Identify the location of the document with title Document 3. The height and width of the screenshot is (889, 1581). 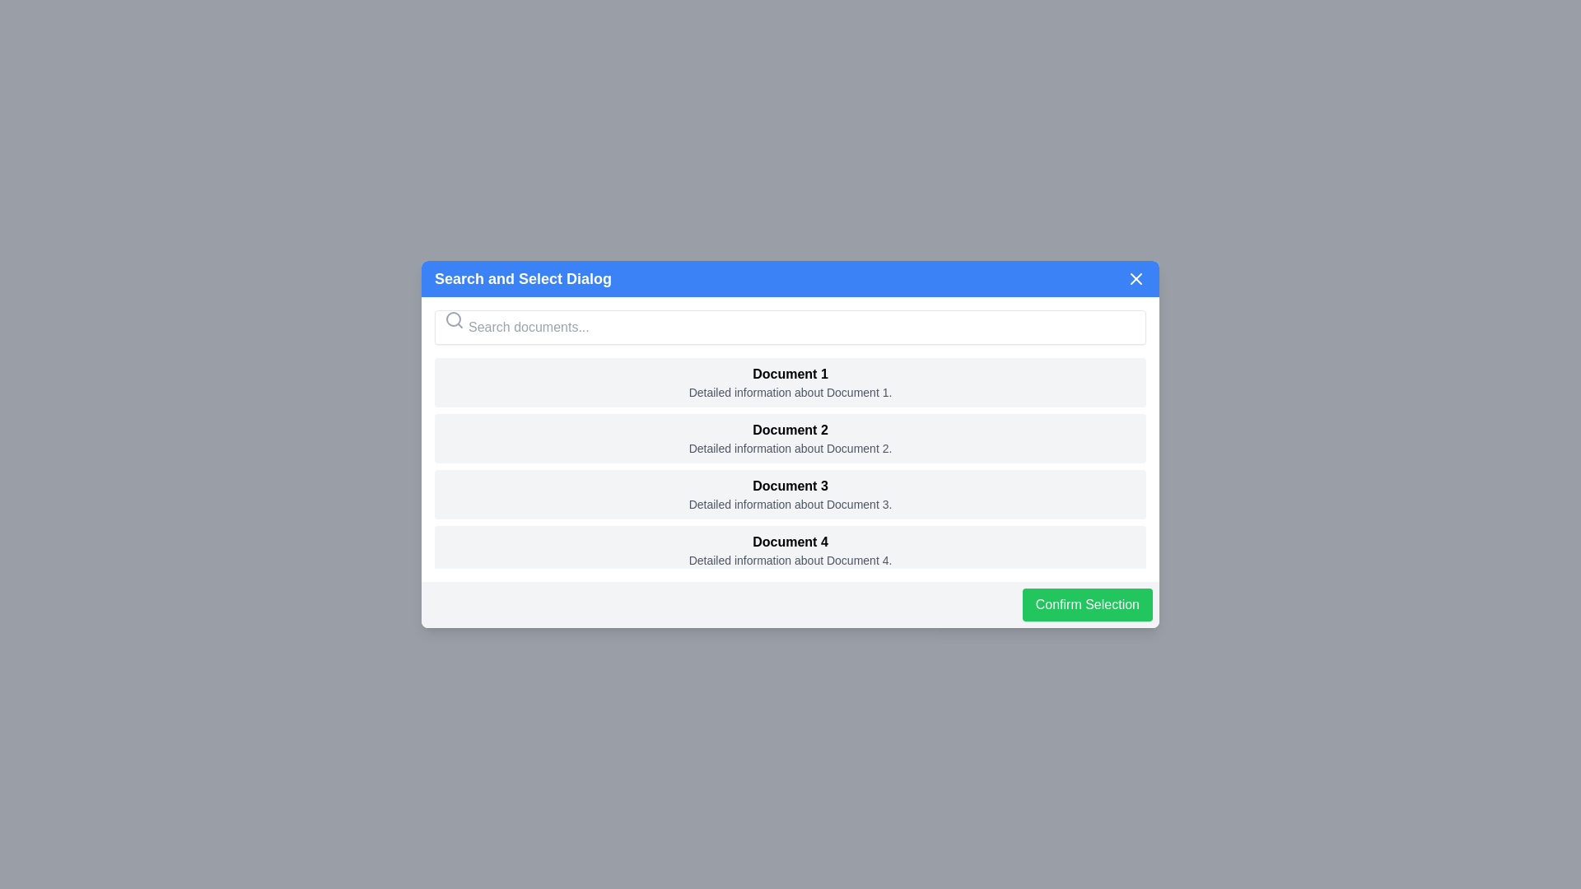
(790, 494).